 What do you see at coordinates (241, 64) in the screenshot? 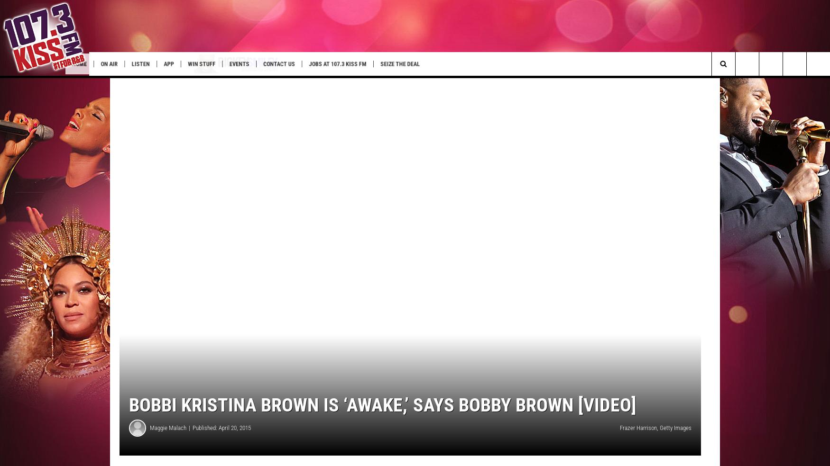
I see `'Win Stuff'` at bounding box center [241, 64].